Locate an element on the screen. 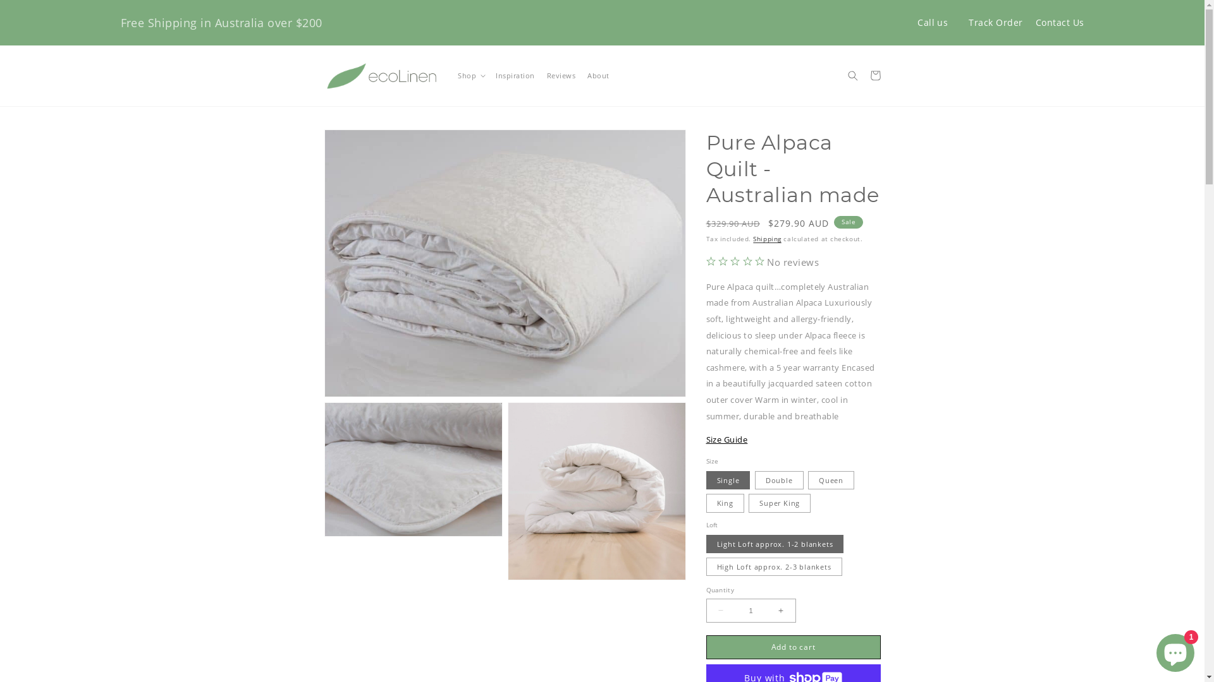 Image resolution: width=1214 pixels, height=682 pixels. 'About' is located at coordinates (581, 76).